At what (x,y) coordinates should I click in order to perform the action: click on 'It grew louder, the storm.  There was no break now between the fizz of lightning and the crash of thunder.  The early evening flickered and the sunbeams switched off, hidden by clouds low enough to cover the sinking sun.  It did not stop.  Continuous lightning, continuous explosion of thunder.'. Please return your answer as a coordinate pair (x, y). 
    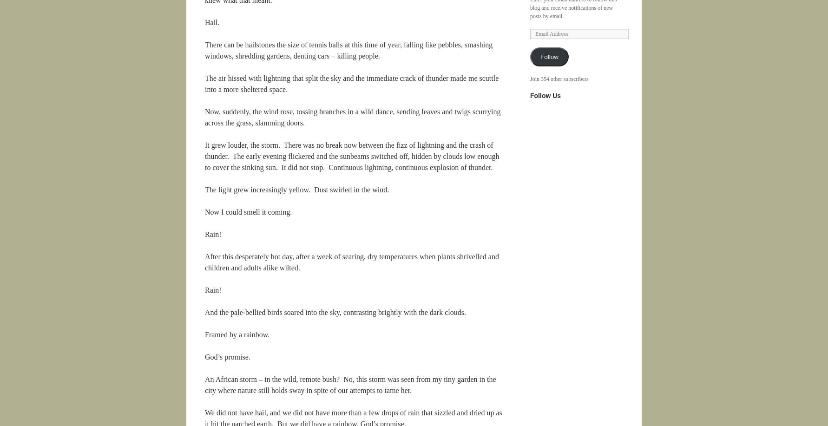
    Looking at the image, I should click on (352, 156).